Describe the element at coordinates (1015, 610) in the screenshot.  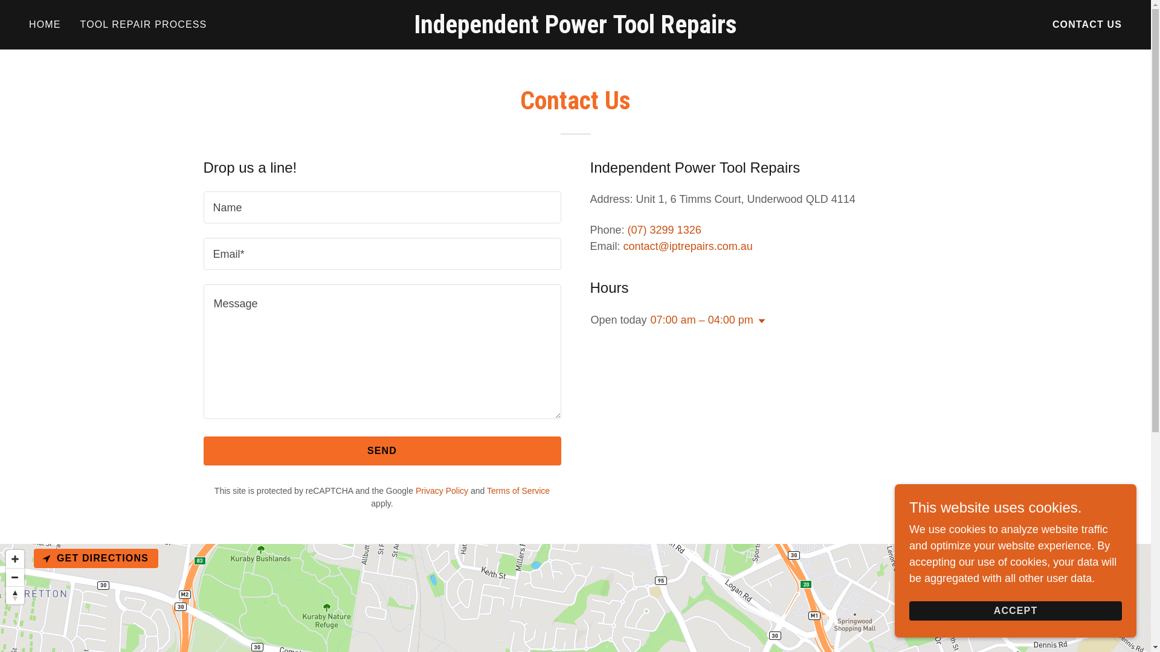
I see `'ACCEPT'` at that location.